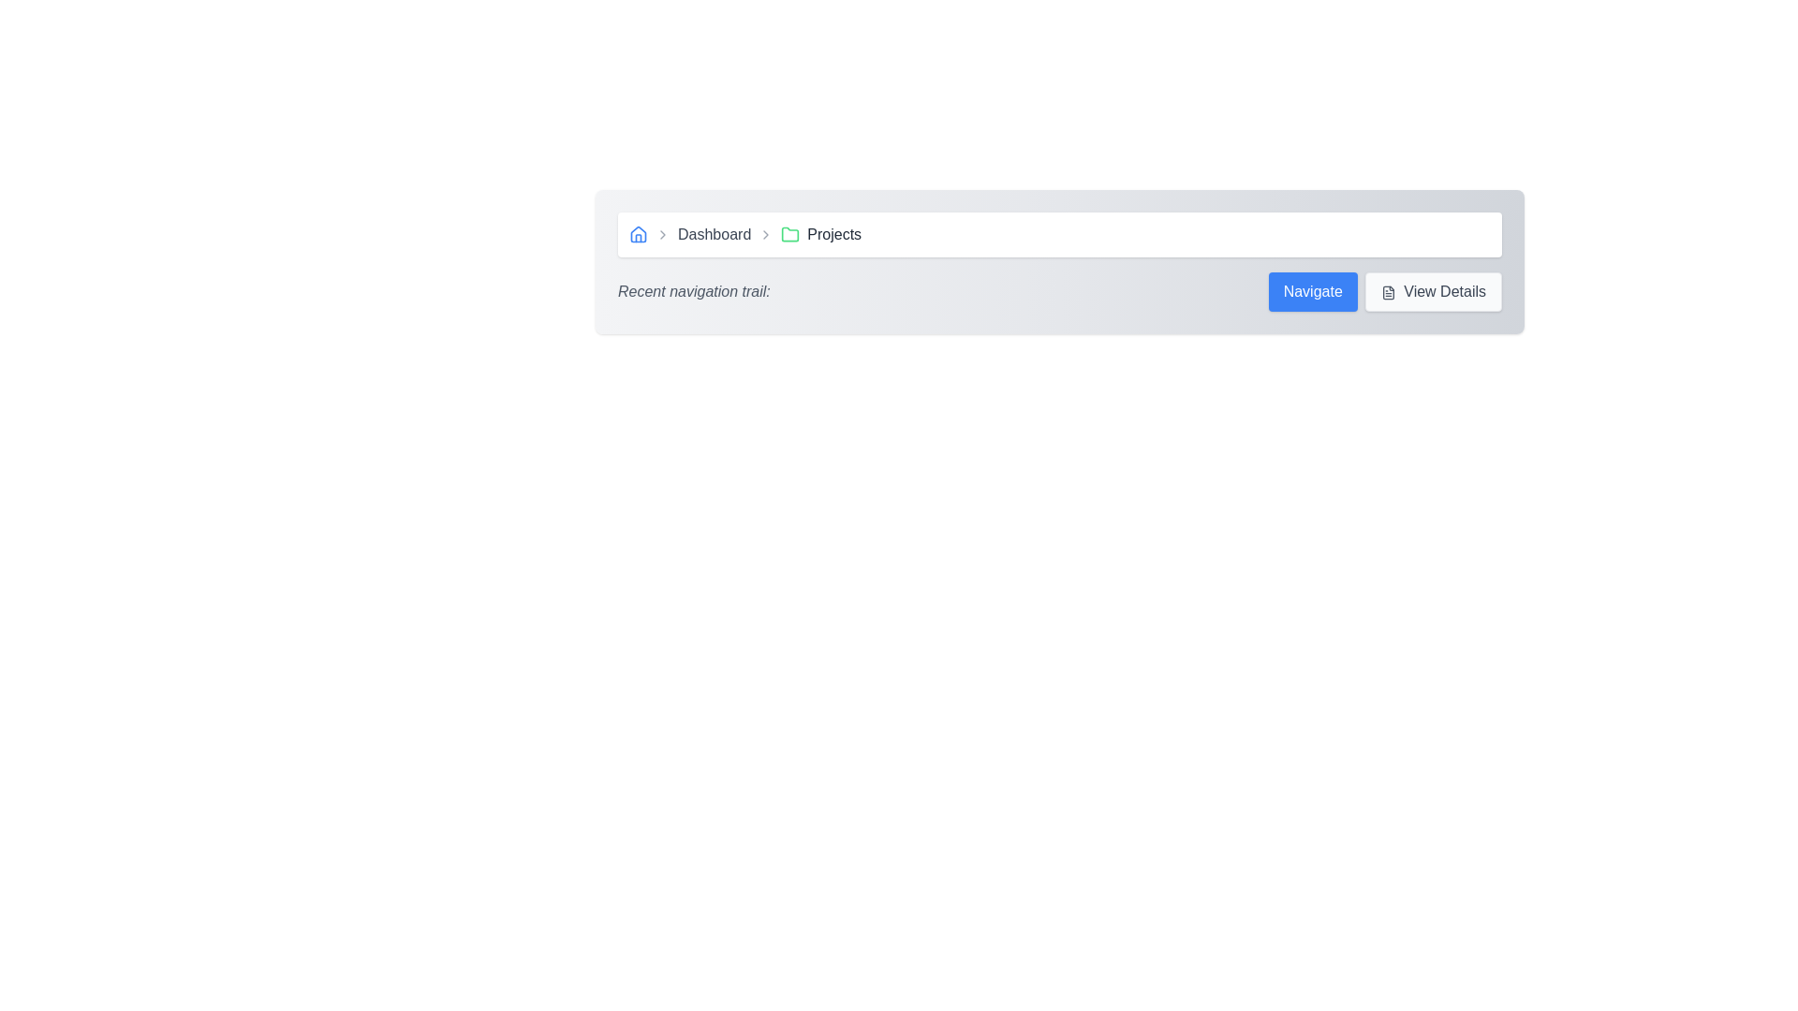 This screenshot has width=1798, height=1011. I want to click on the 'View Details' button located in the lower-right part of the gray navigation bar within the 'Recent navigation trail:' section, so click(1385, 292).